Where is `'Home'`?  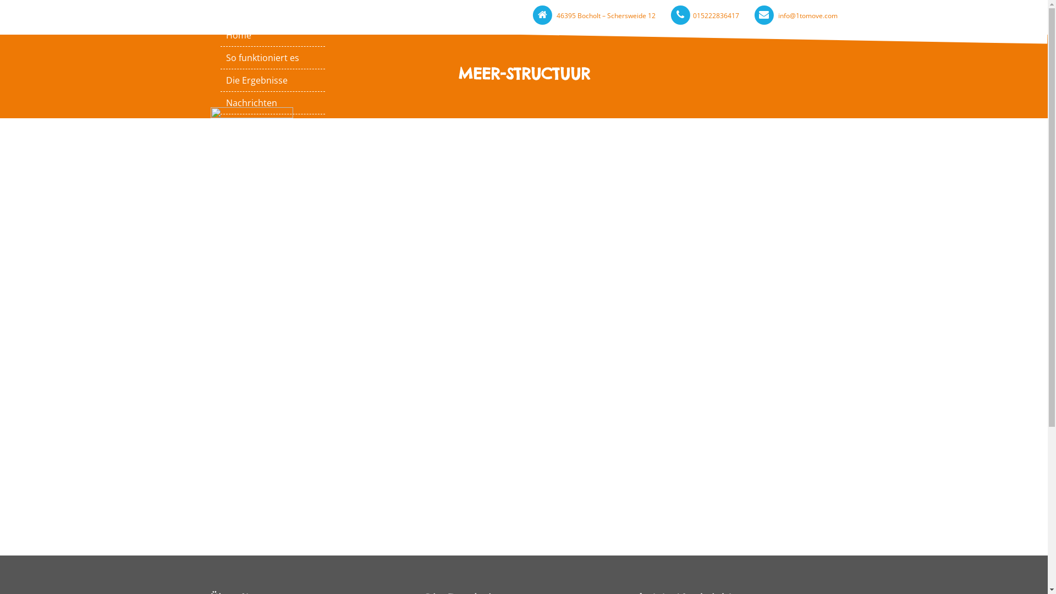
'Home' is located at coordinates (220, 35).